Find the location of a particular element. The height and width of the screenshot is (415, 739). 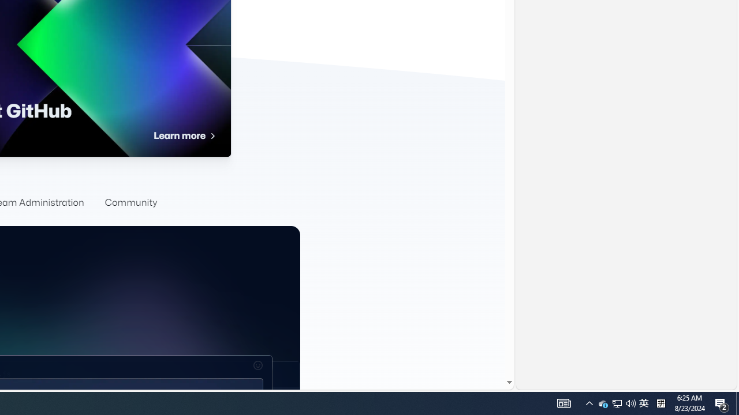

'Community' is located at coordinates (130, 202).